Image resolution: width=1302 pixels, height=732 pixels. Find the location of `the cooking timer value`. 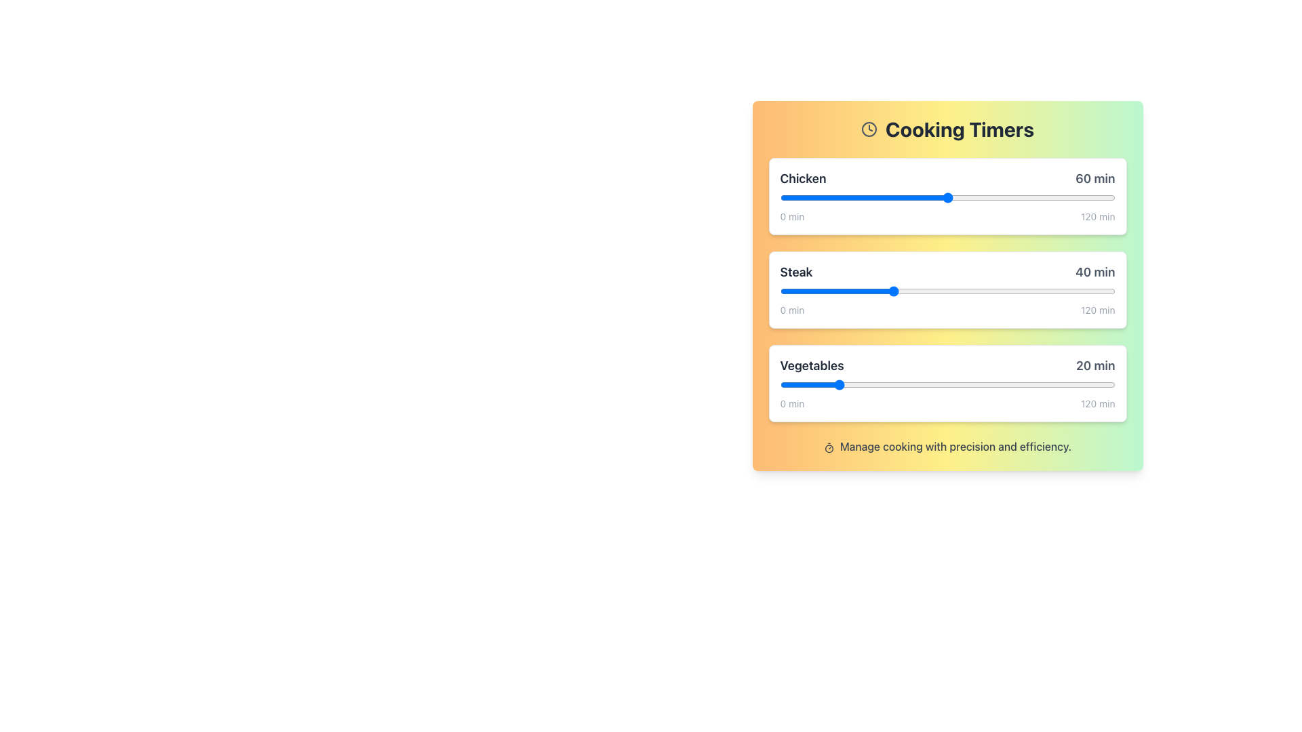

the cooking timer value is located at coordinates (827, 198).